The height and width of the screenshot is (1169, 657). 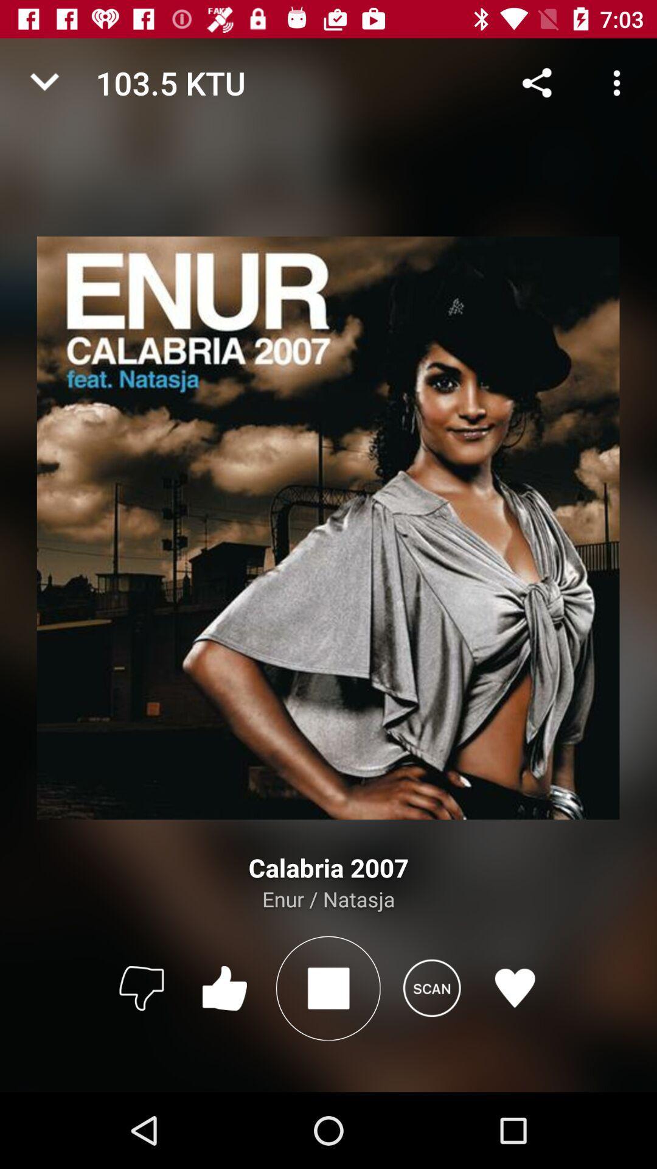 I want to click on the thumbs_up icon, so click(x=224, y=988).